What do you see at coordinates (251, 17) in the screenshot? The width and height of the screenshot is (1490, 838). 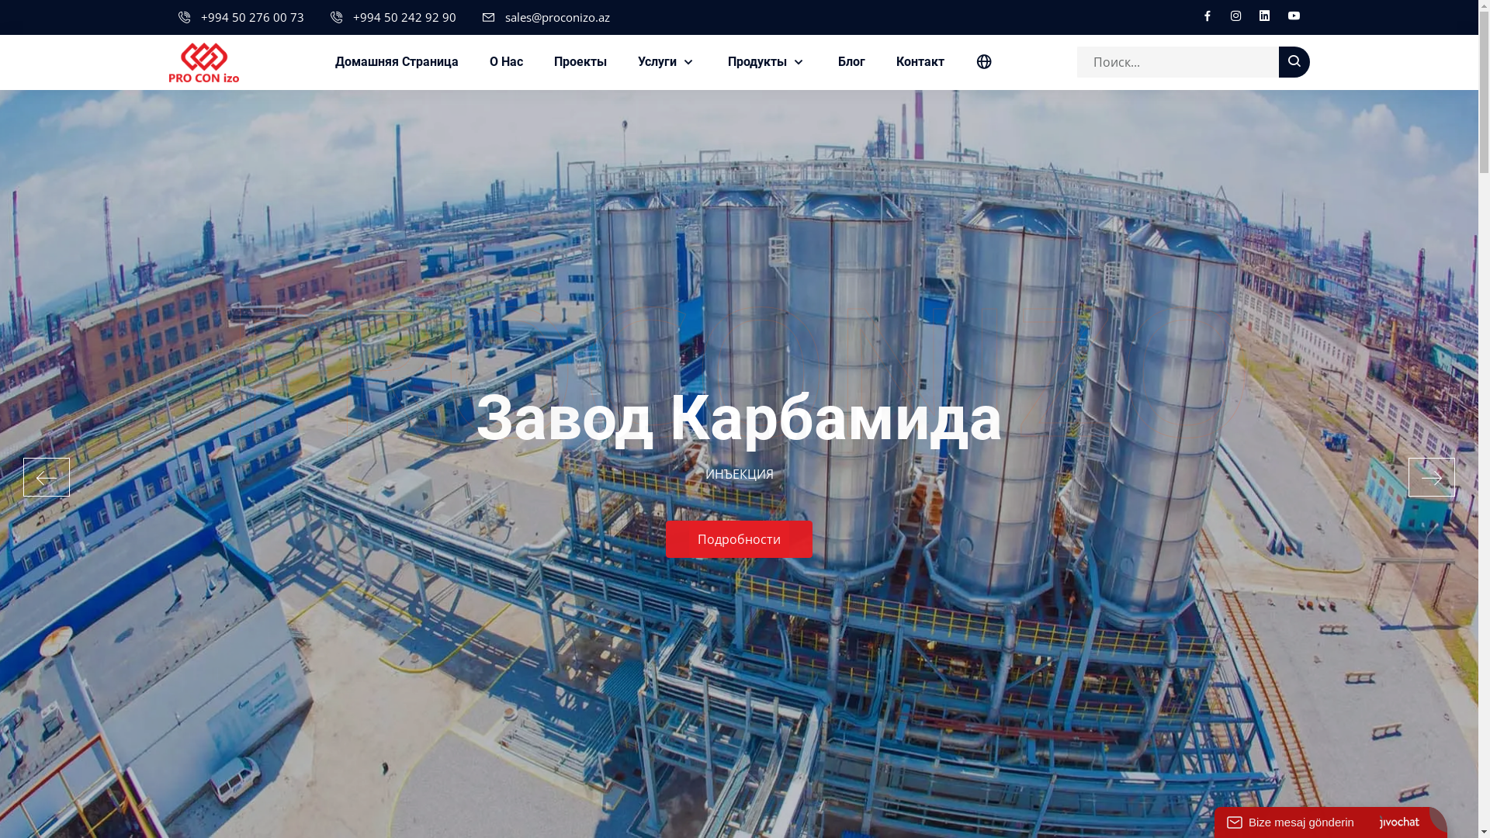 I see `'+994 50 276 00 73'` at bounding box center [251, 17].